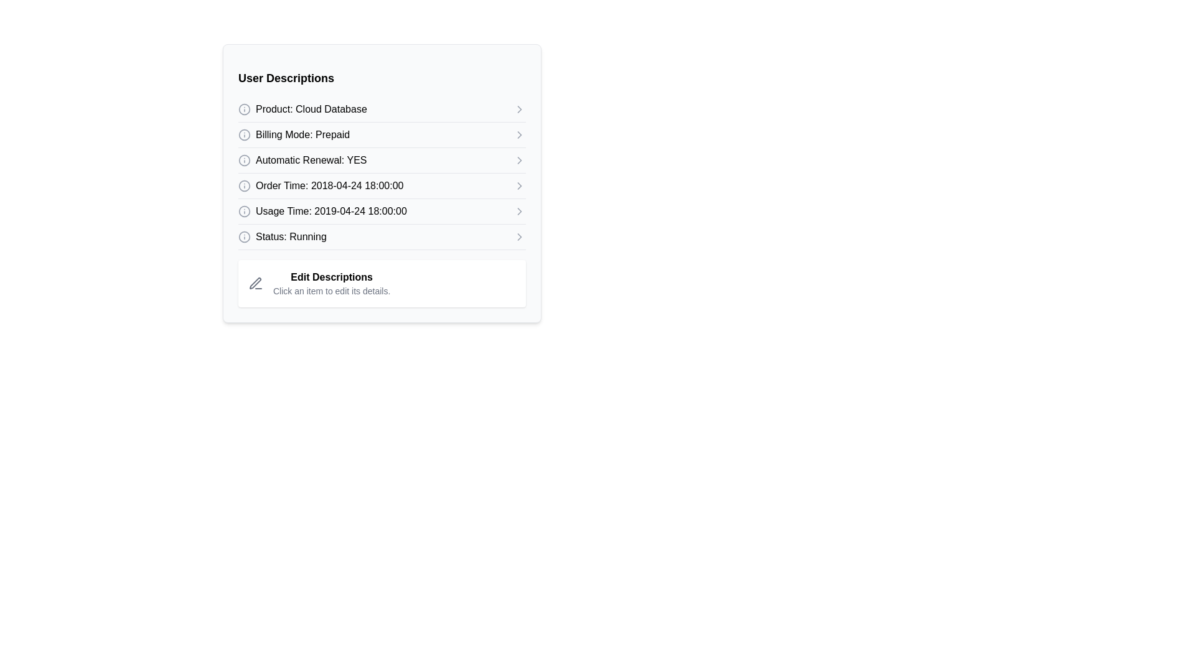 The height and width of the screenshot is (672, 1195). Describe the element at coordinates (382, 186) in the screenshot. I see `the fourth clickable row item under the 'User Descriptions' section to read the text content about order time` at that location.